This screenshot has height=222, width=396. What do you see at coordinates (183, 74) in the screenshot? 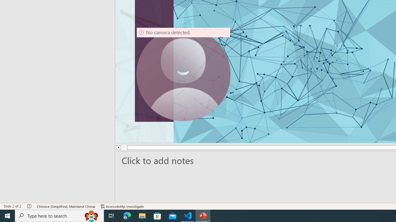
I see `'Camera 9, No camera detected.'` at bounding box center [183, 74].